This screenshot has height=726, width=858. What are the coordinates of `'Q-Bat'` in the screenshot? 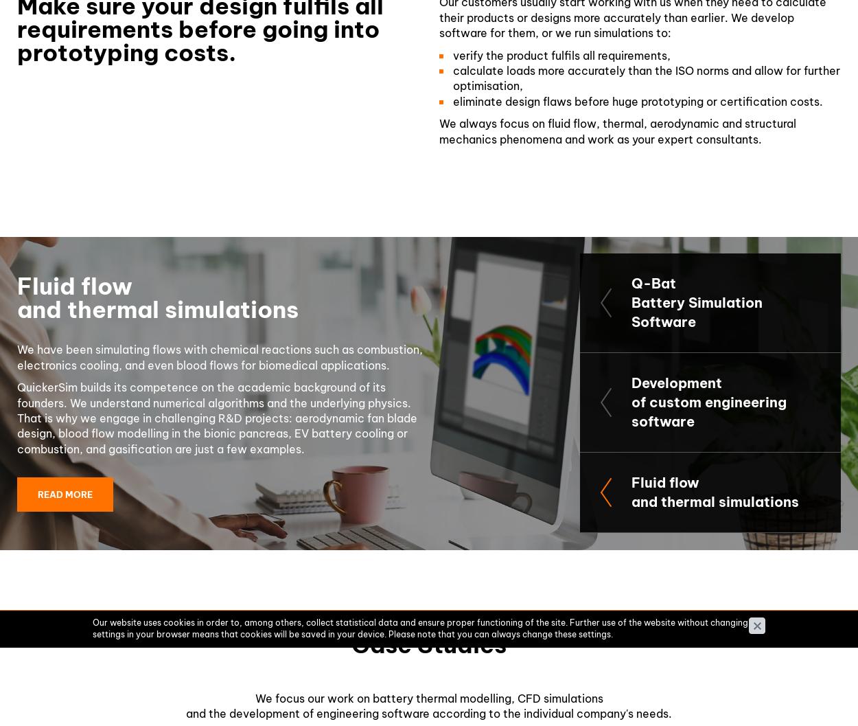 It's located at (653, 282).